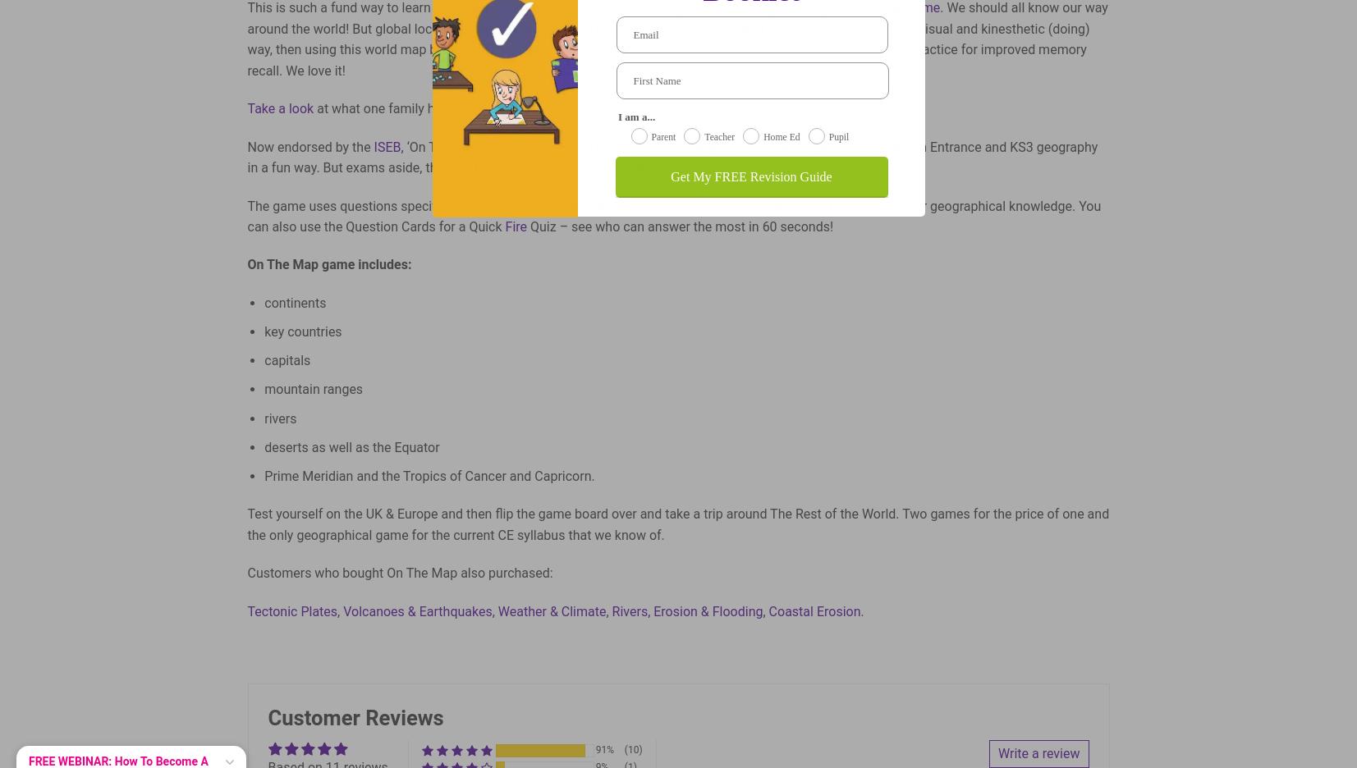  I want to click on 'Rivers, Erosion & Flooding', so click(687, 610).